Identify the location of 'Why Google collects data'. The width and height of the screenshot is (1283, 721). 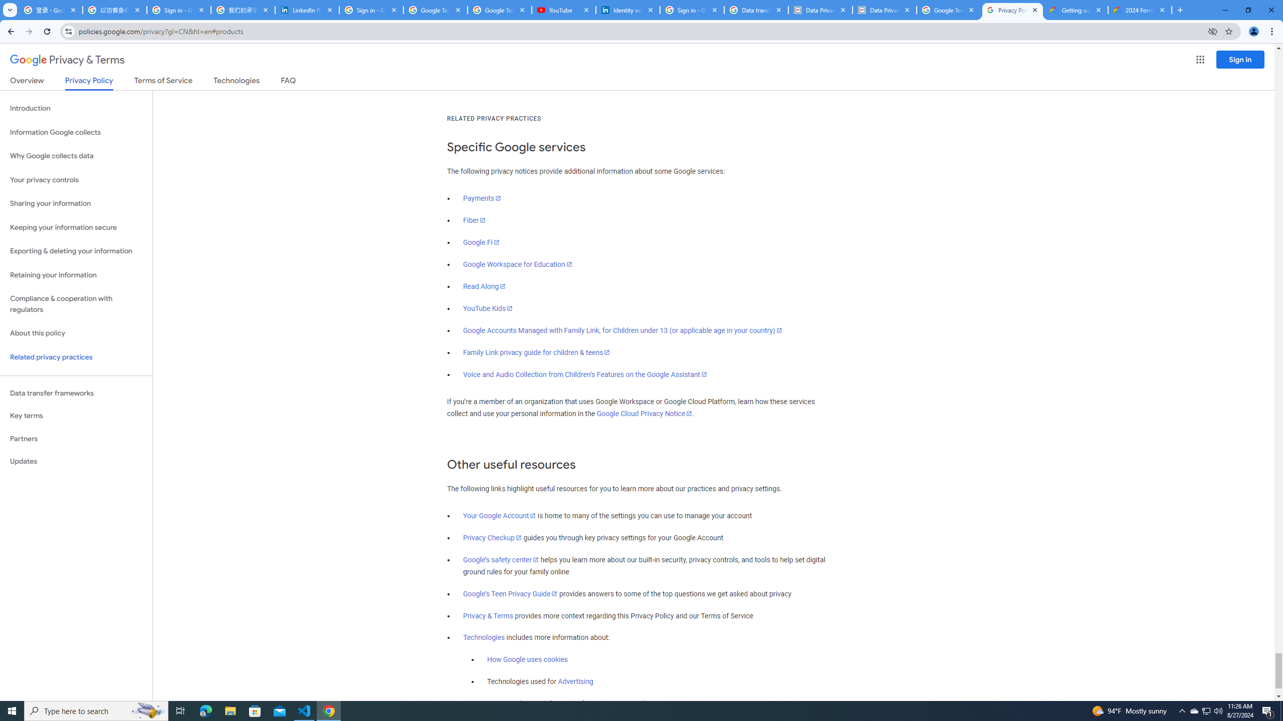
(76, 155).